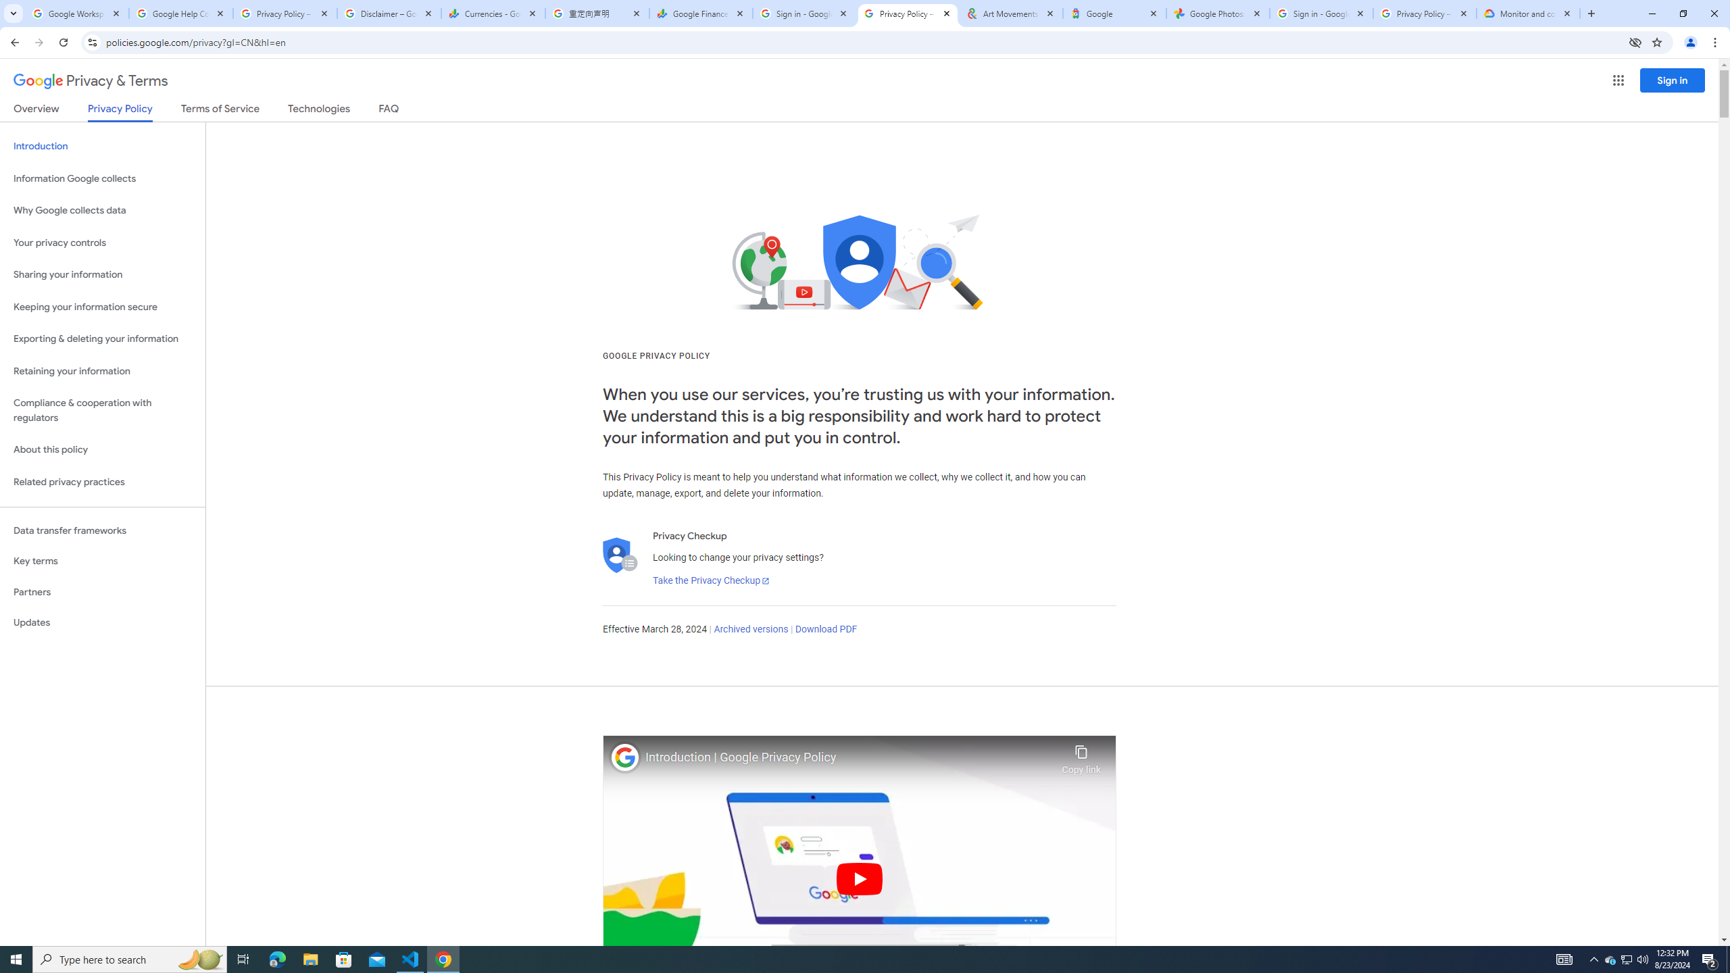 The width and height of the screenshot is (1730, 973). Describe the element at coordinates (493, 13) in the screenshot. I see `'Currencies - Google Finance'` at that location.